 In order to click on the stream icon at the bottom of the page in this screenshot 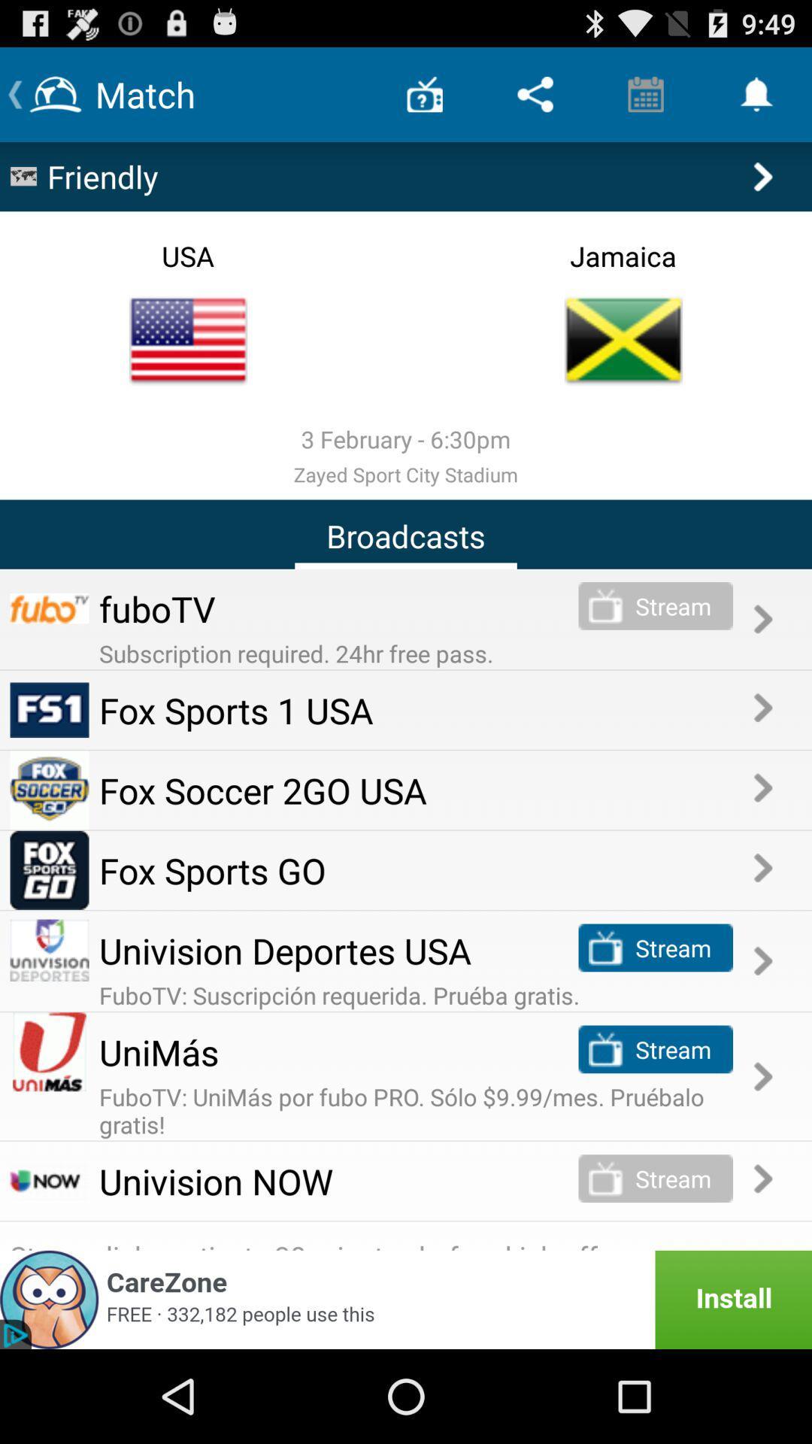, I will do `click(605, 1178)`.